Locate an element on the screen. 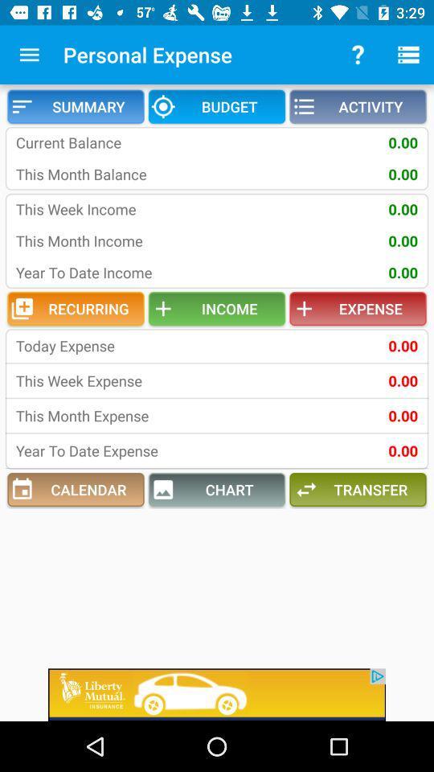  item above current balance icon is located at coordinates (217, 105).